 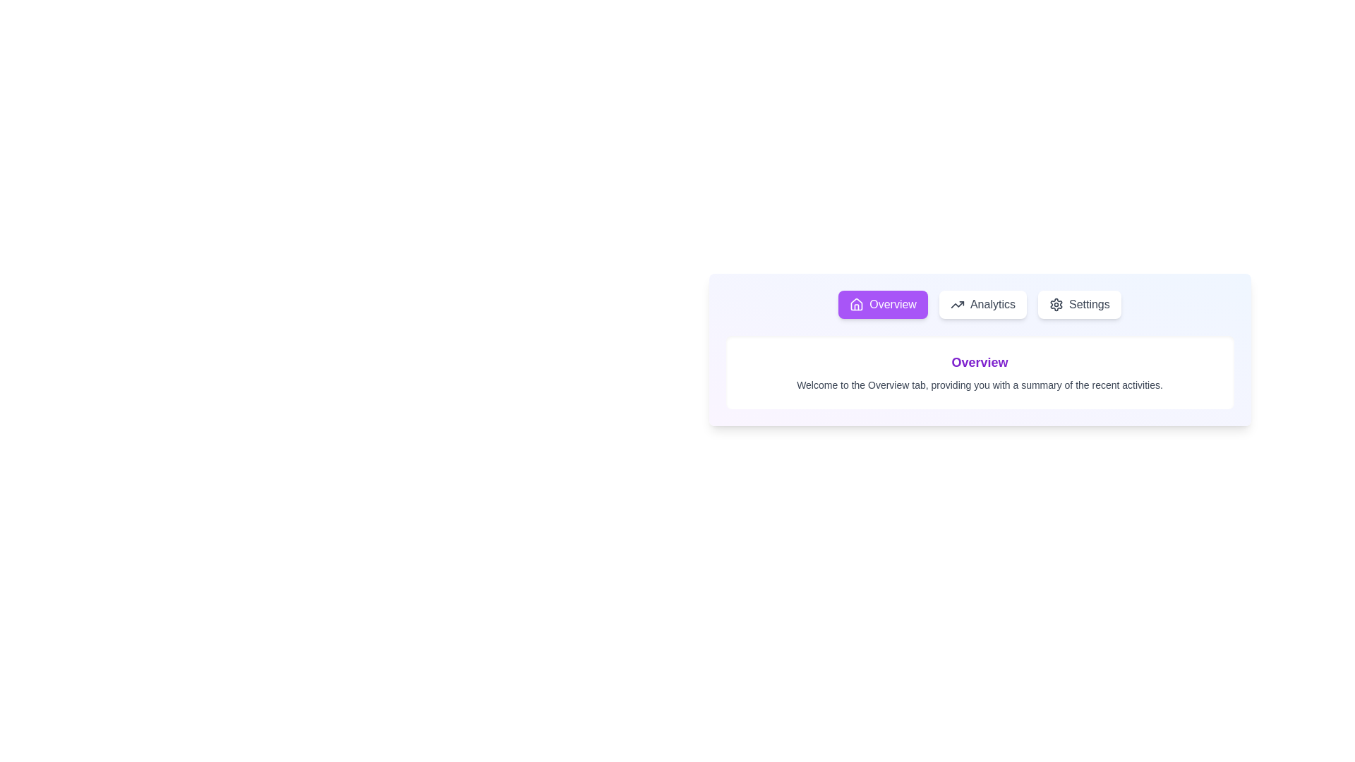 I want to click on the gear icon representing the settings option located in the header navigation bar to initiate the settings functionality, so click(x=1056, y=304).